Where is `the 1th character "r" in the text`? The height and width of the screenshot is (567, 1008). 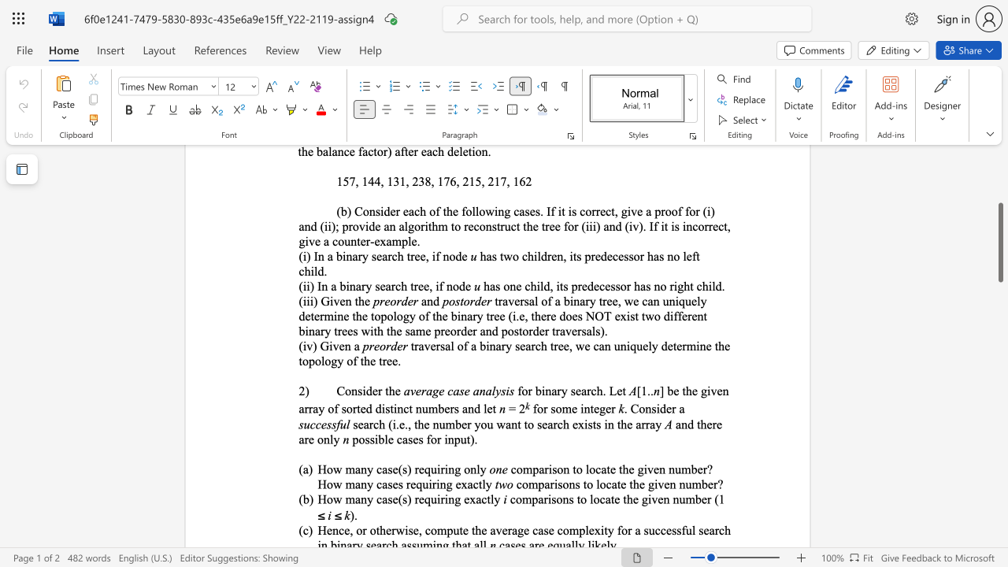
the 1th character "r" in the text is located at coordinates (545, 408).